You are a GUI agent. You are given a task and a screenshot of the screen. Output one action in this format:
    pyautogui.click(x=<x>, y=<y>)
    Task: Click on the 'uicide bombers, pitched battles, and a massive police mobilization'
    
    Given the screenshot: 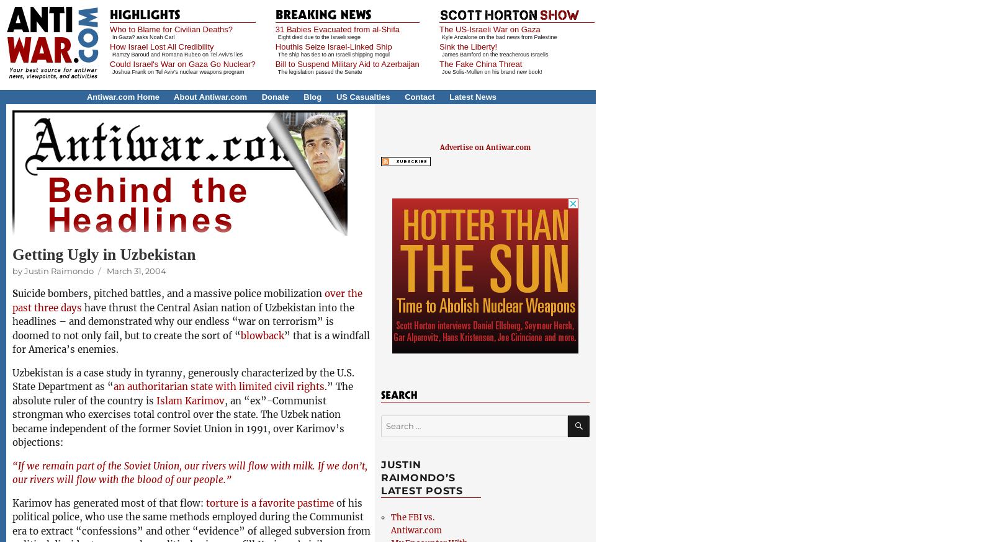 What is the action you would take?
    pyautogui.click(x=171, y=293)
    